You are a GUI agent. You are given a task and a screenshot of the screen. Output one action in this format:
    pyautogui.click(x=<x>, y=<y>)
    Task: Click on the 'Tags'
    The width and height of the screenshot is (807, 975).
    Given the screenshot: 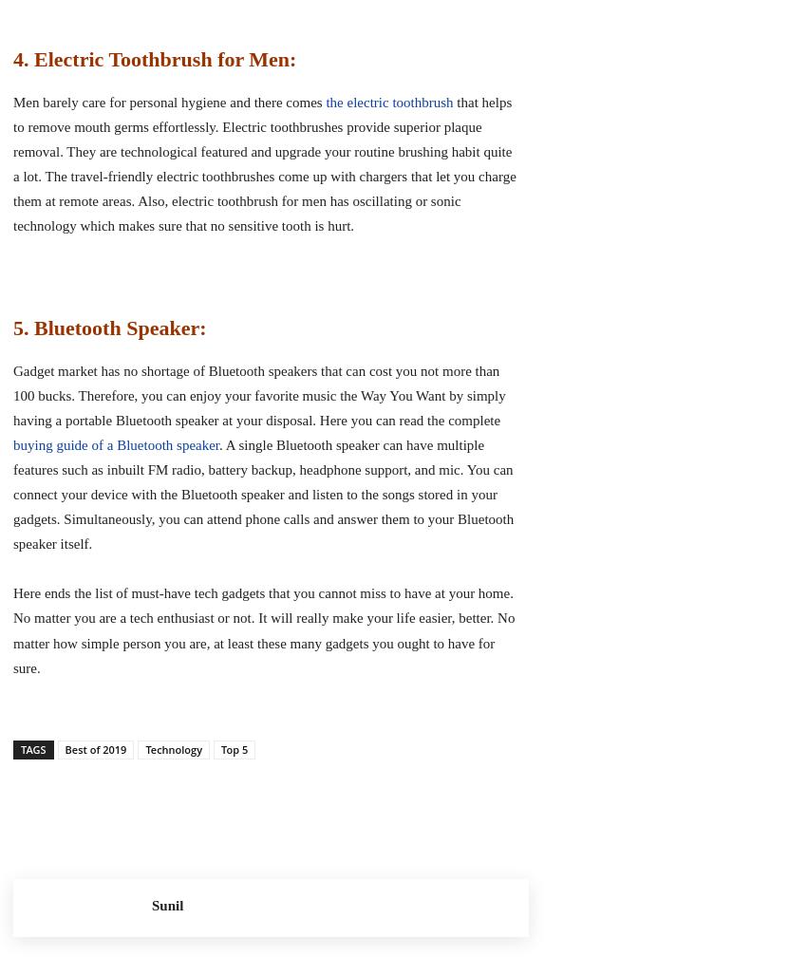 What is the action you would take?
    pyautogui.click(x=32, y=747)
    